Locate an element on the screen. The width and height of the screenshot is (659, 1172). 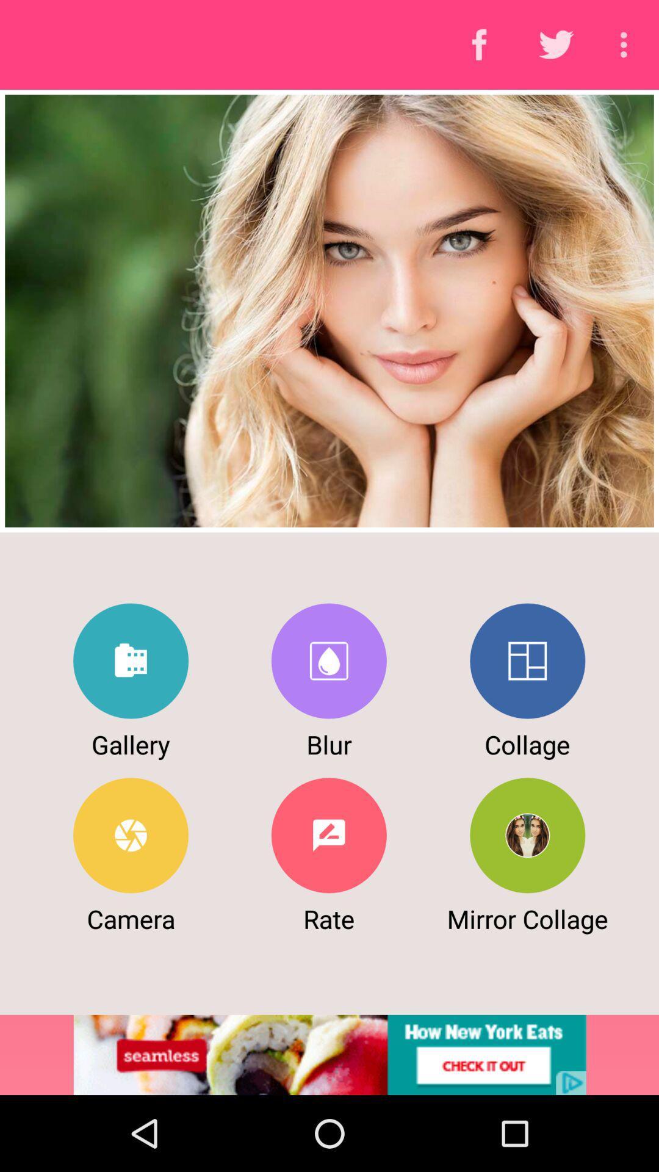
collage button is located at coordinates (527, 660).